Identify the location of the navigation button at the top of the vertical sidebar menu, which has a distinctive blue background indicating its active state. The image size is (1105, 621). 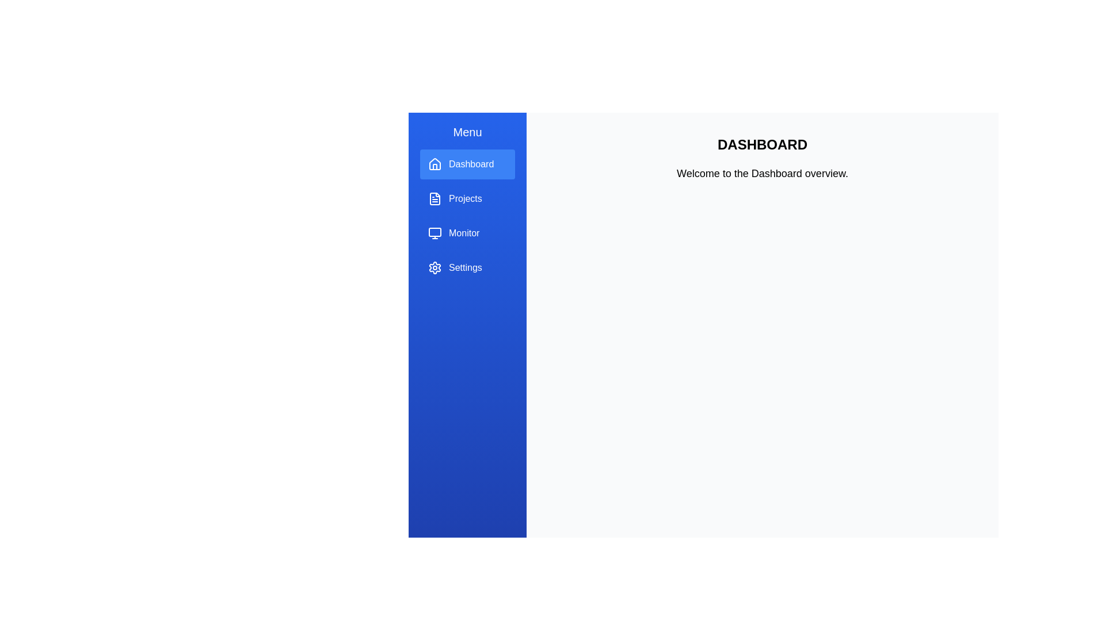
(467, 164).